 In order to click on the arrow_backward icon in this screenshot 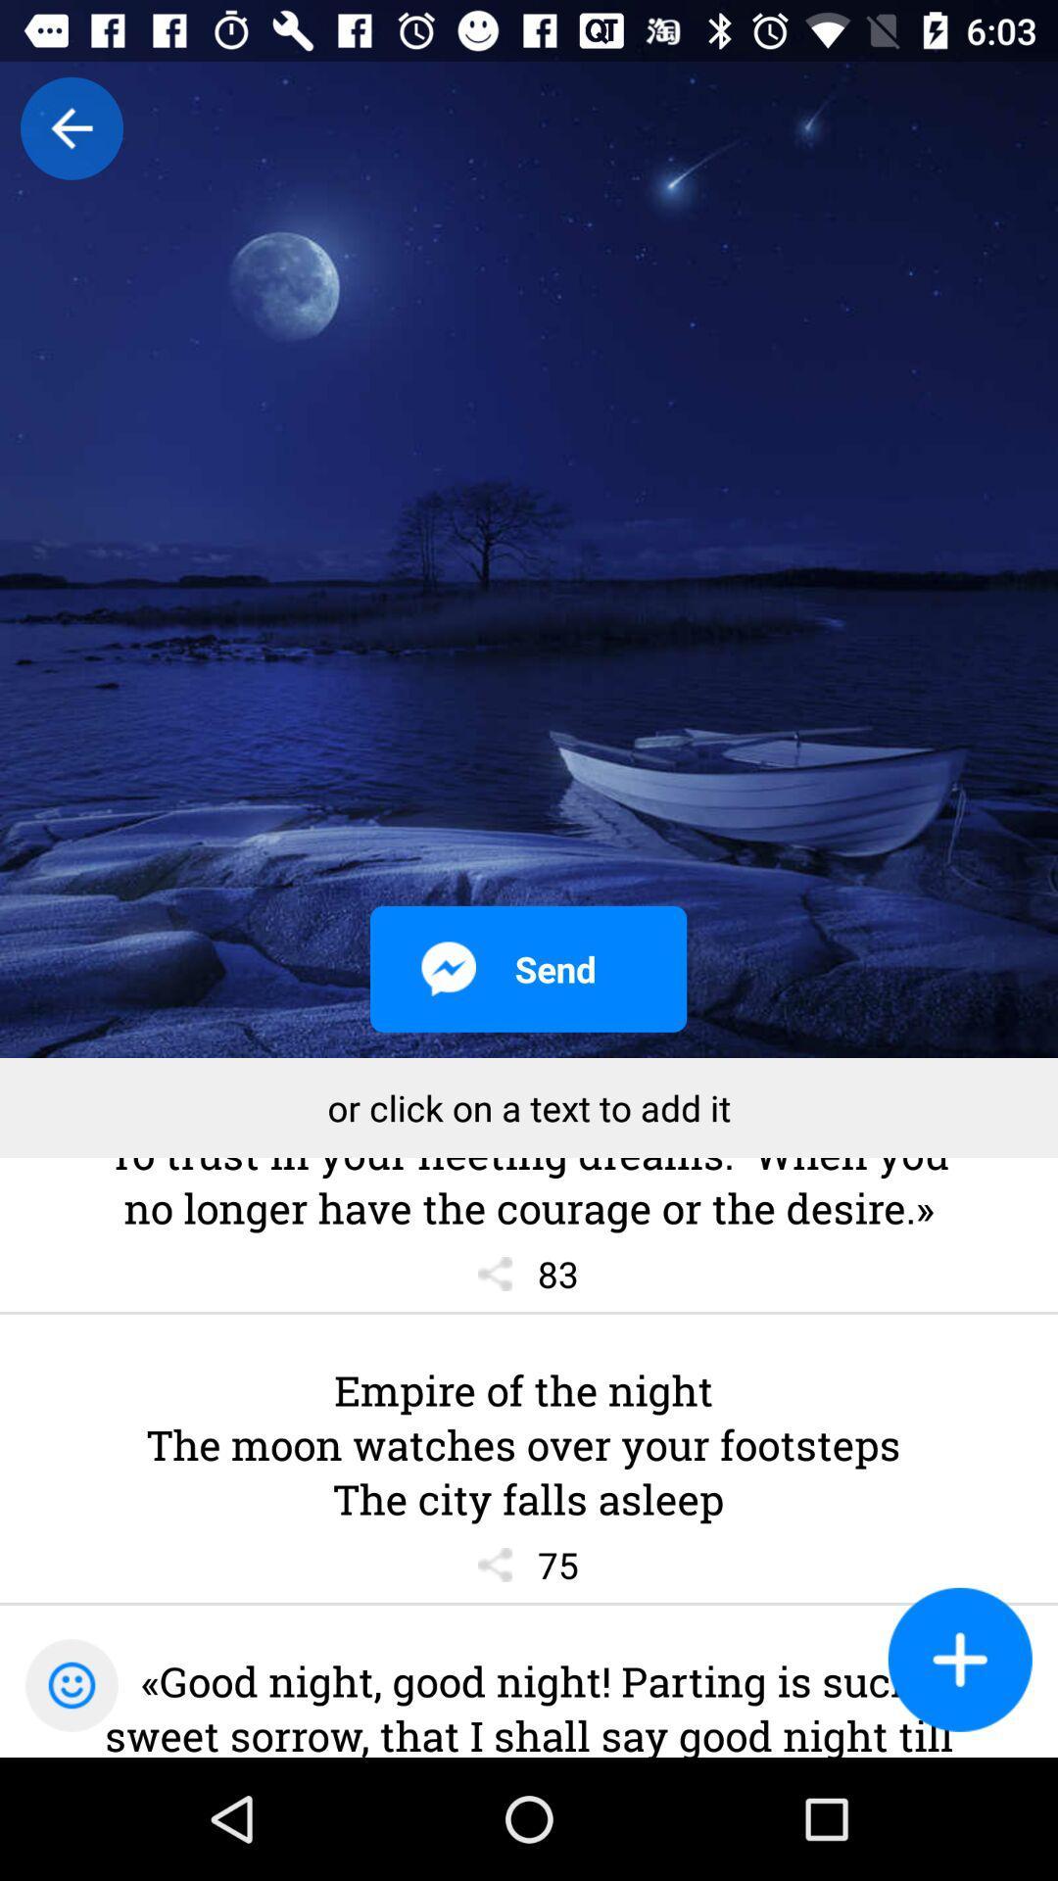, I will do `click(71, 127)`.